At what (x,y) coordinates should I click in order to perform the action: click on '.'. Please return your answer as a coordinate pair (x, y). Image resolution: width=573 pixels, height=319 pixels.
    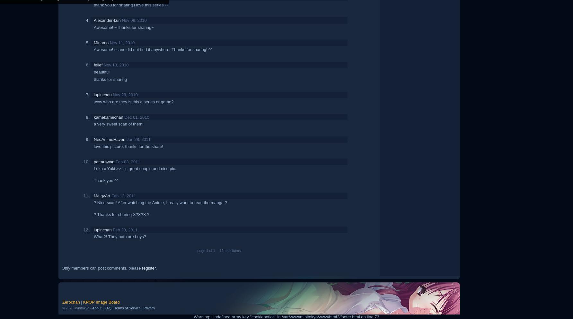
    Looking at the image, I should click on (156, 267).